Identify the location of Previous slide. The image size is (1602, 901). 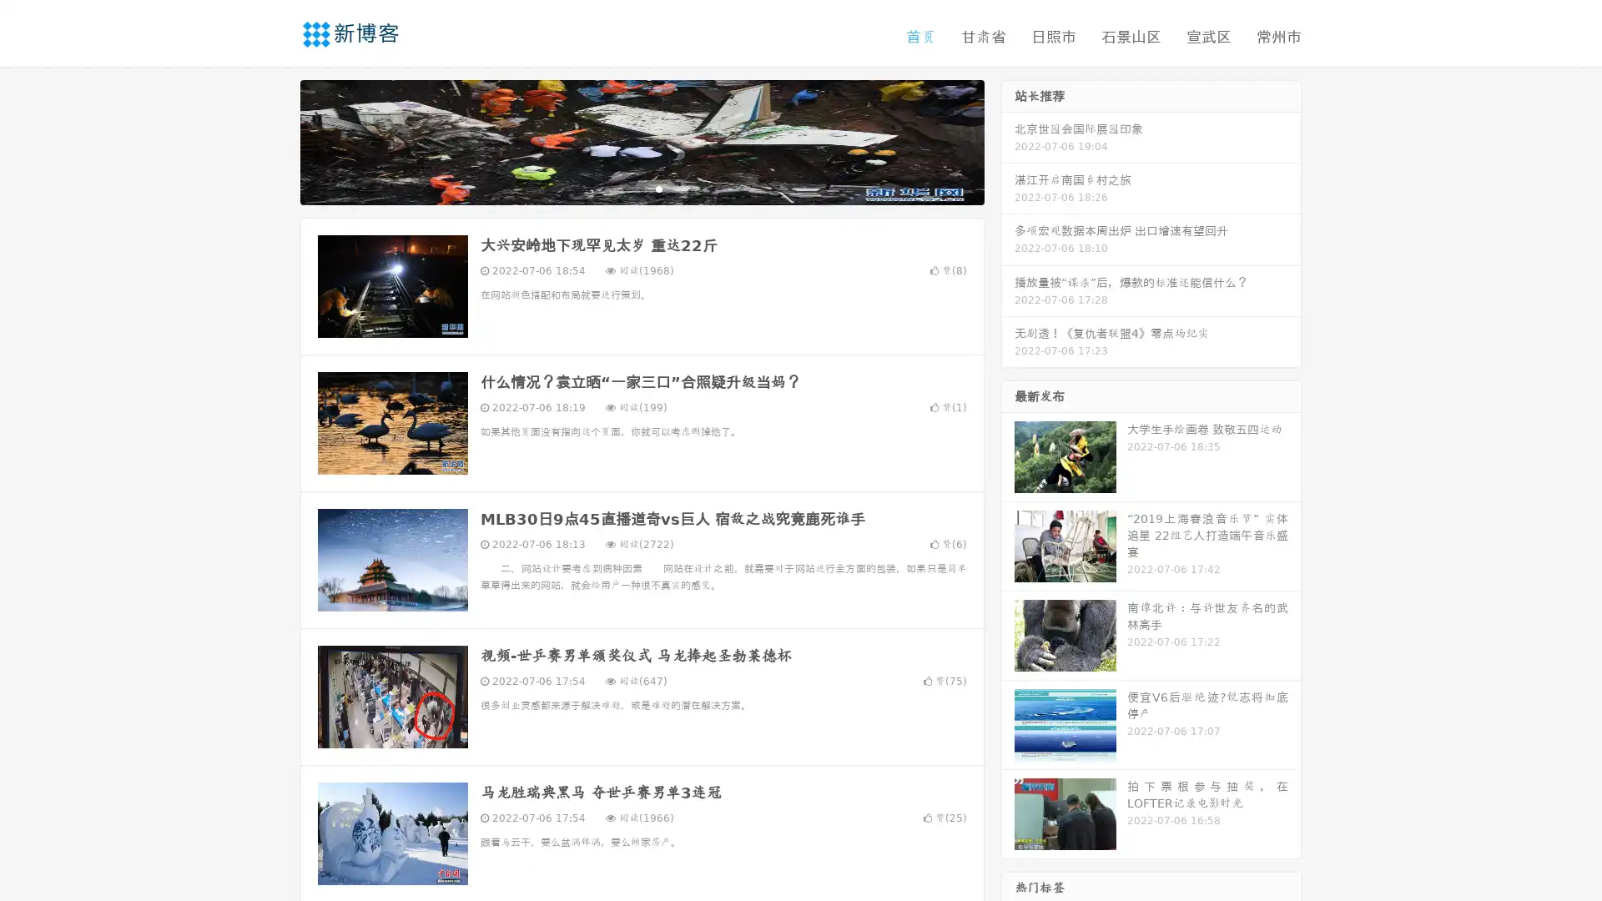
(275, 140).